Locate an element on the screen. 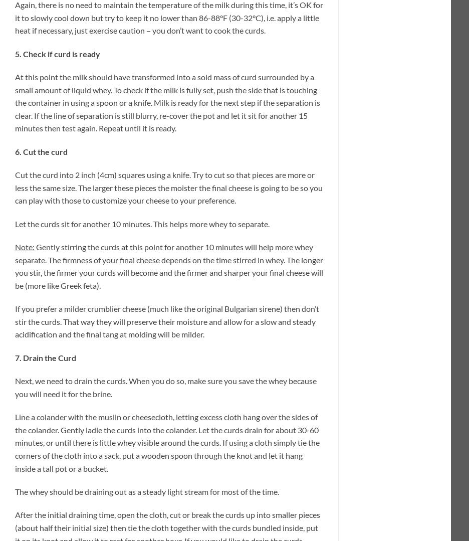 This screenshot has height=541, width=469. 'Cut the curd into 2 inch (4cm) squares using a knife. Try to cut so that pieces are more or less the same size. The larger these pieces the moister the final cheese is going to be so you can play with those to customize your cheese to your preference.' is located at coordinates (15, 187).